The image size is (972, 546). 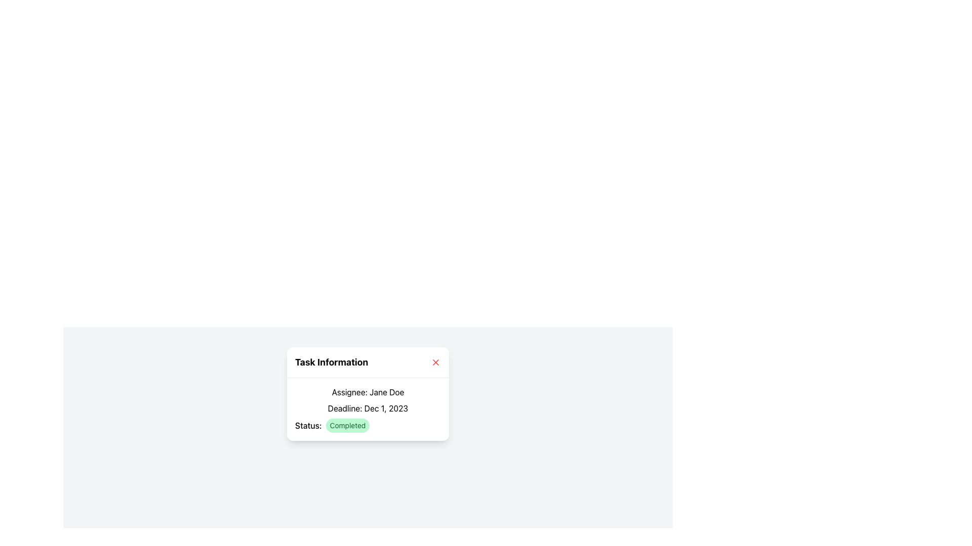 I want to click on text from the Text Label located in the bottom-left section of the 'Task Information' card, which describes the associated status value beside it, so click(x=308, y=425).